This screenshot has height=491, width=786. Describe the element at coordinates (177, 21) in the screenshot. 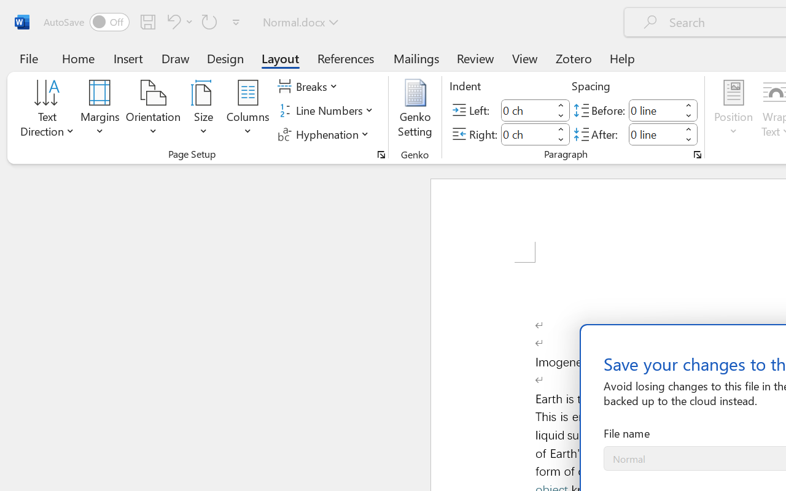

I see `'Undo Paste Destination Formatting'` at that location.